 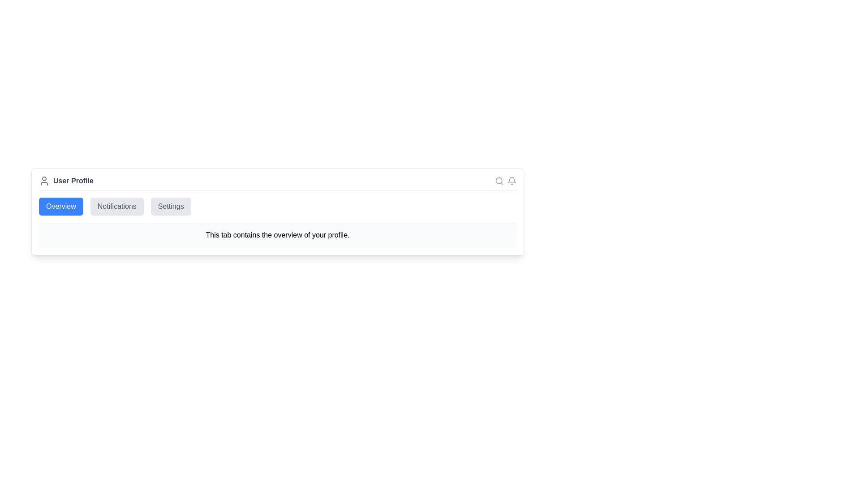 What do you see at coordinates (499, 181) in the screenshot?
I see `the search icon to activate the search functionality` at bounding box center [499, 181].